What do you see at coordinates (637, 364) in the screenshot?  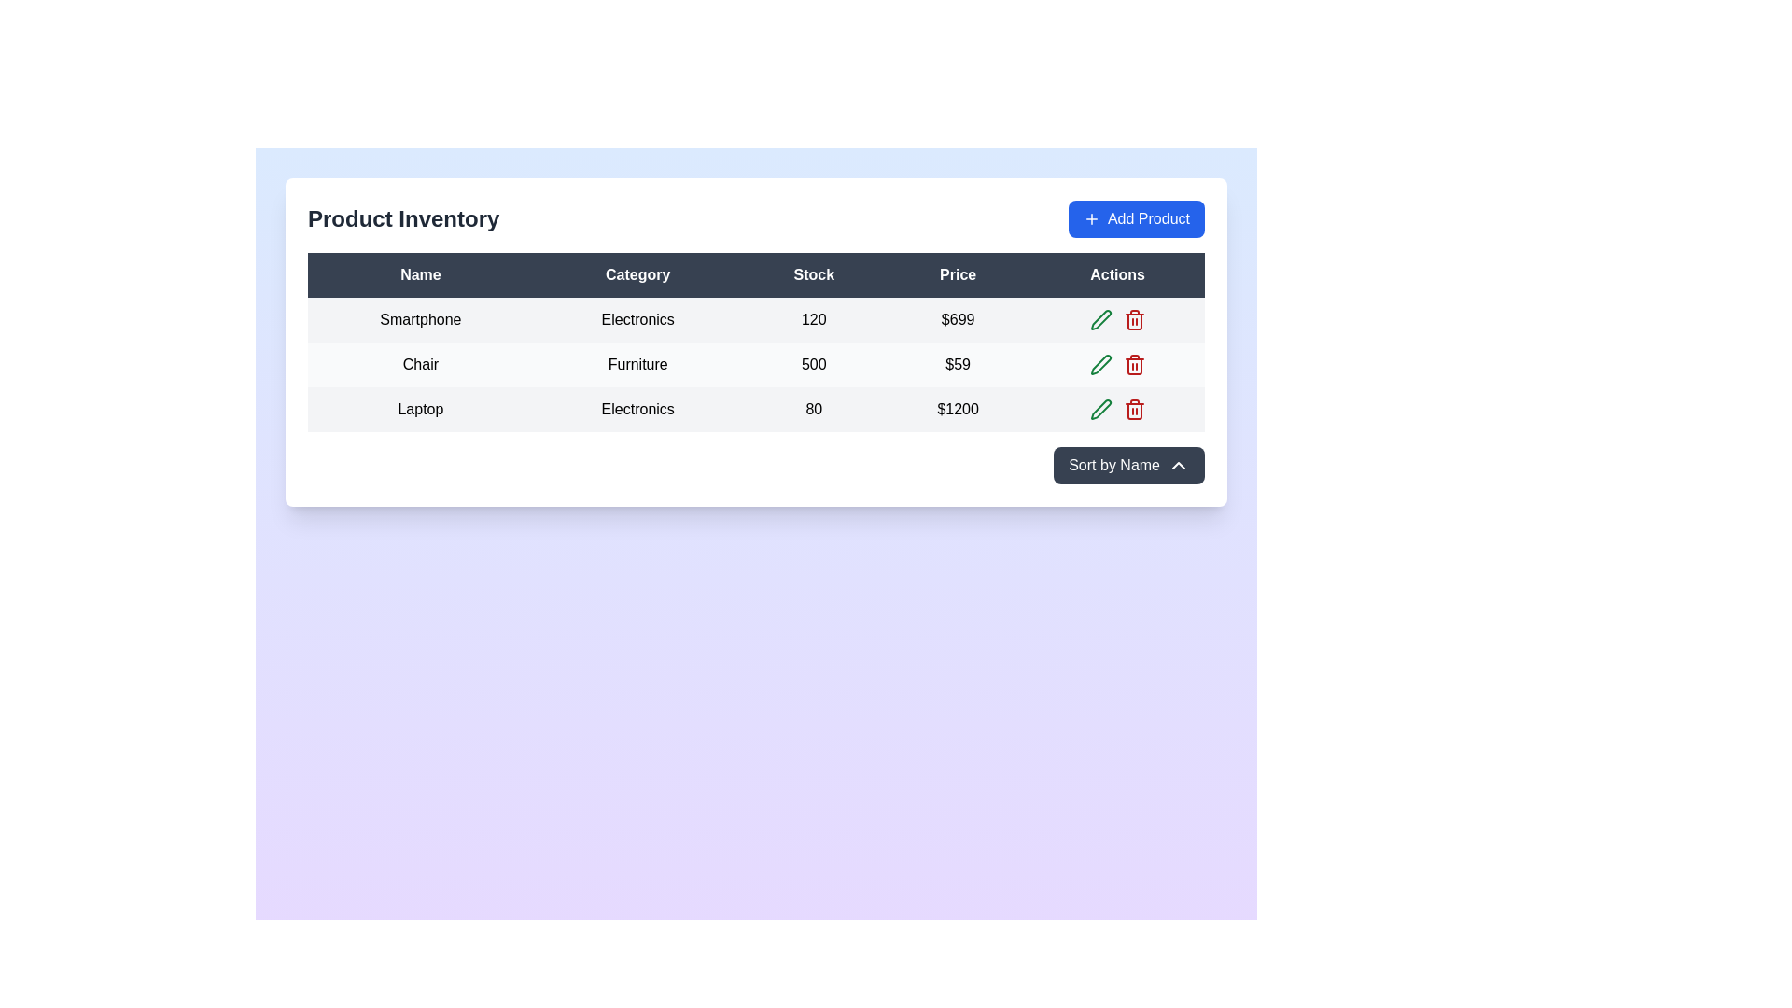 I see `the static text indicating the category of the item in the second row of the 'Product Inventory' table under the 'Category' column` at bounding box center [637, 364].